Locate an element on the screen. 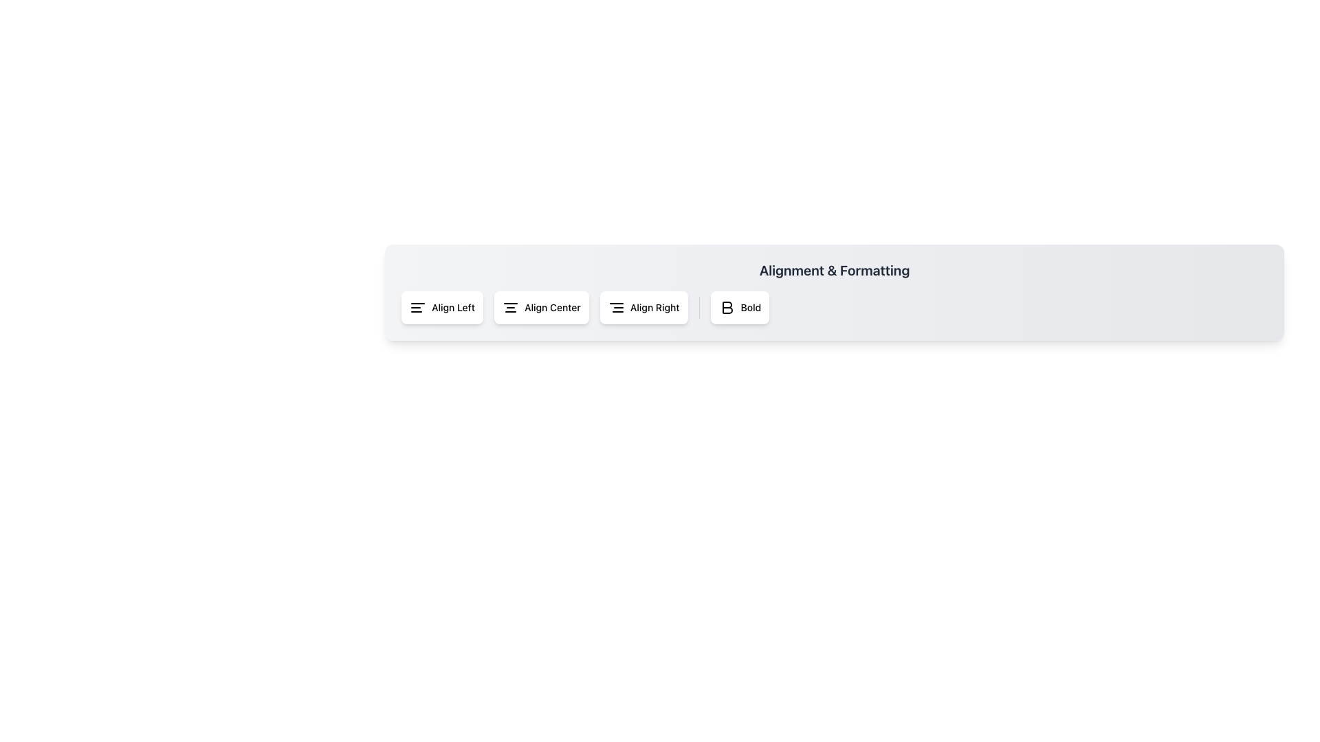 Image resolution: width=1320 pixels, height=742 pixels. the left alignment button, which is the first in the row of alignment and formatting buttons, to apply left alignment to the selected text or content is located at coordinates (442, 306).